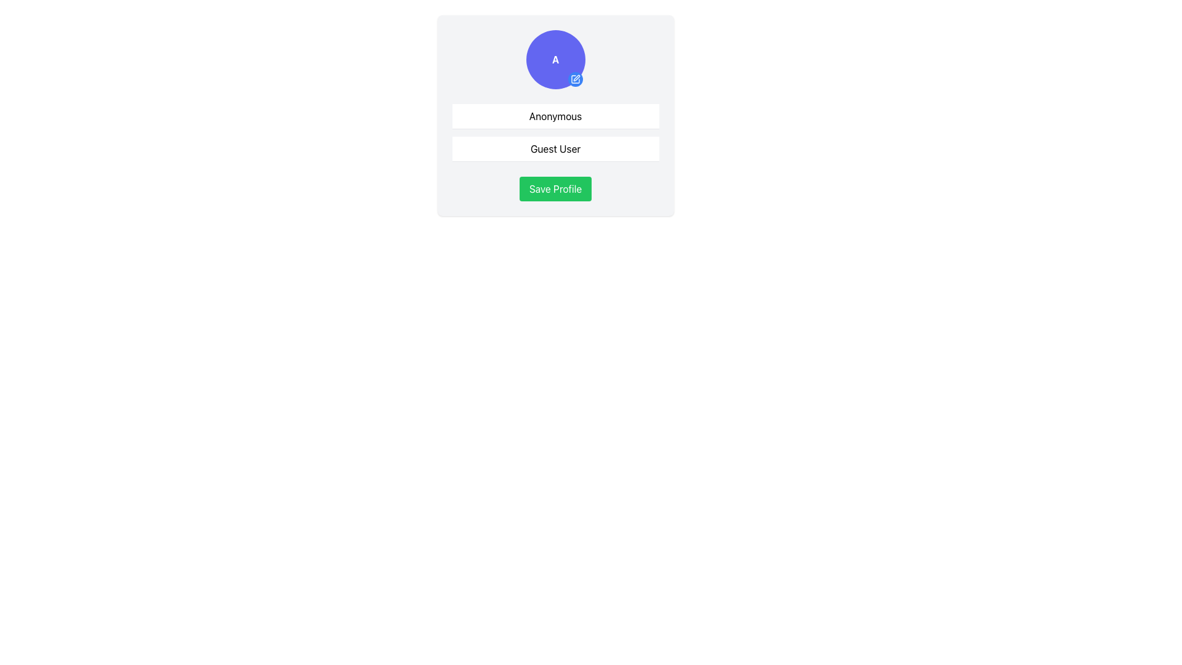  Describe the element at coordinates (555, 59) in the screenshot. I see `the Avatar display or profile picture placeholder located at the center top of the interface, above the 'Anonymous' and 'Guest User' input fields and the 'Save Profile' button` at that location.